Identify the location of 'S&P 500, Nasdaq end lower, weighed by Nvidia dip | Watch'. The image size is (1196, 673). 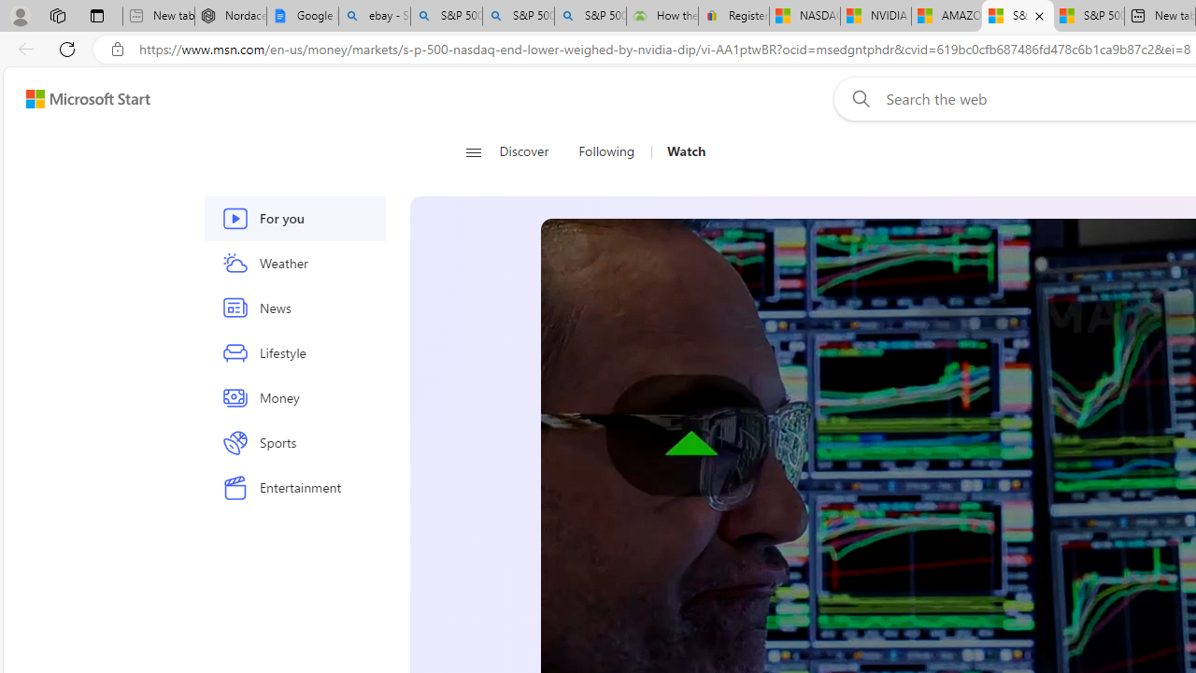
(1089, 16).